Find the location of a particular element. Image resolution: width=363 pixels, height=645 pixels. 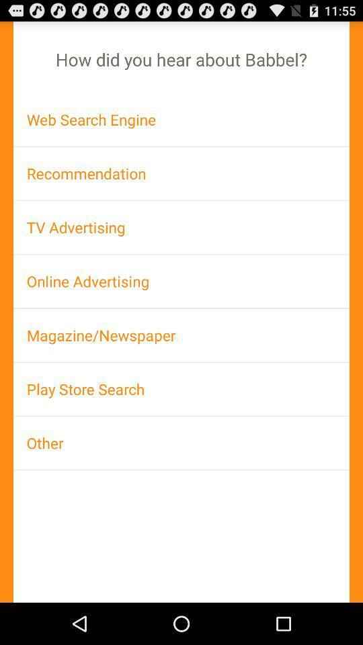

the online advertising is located at coordinates (182, 280).